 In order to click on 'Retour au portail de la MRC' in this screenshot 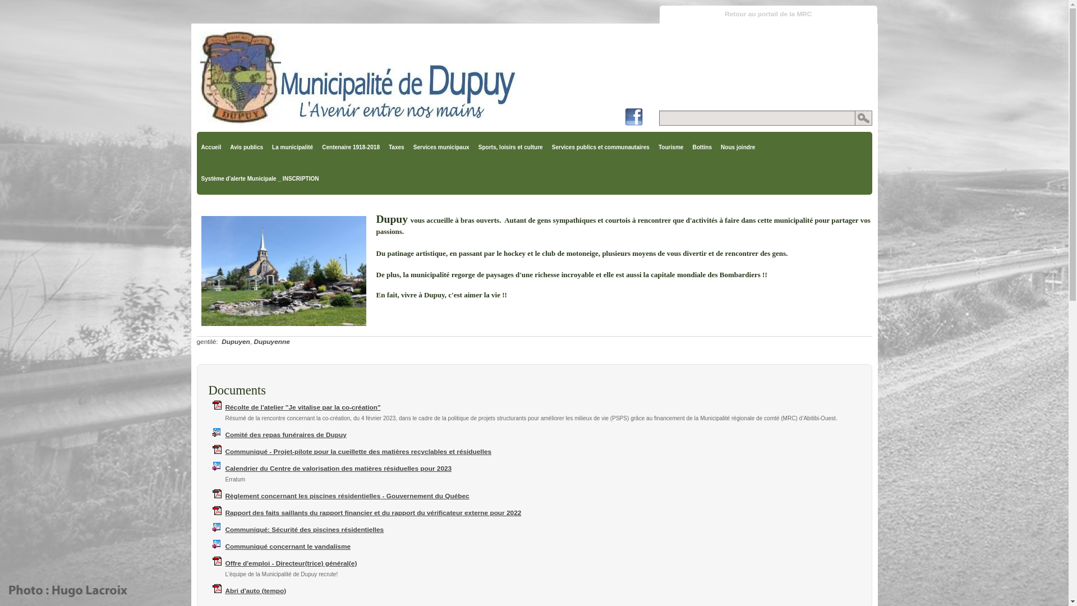, I will do `click(767, 15)`.